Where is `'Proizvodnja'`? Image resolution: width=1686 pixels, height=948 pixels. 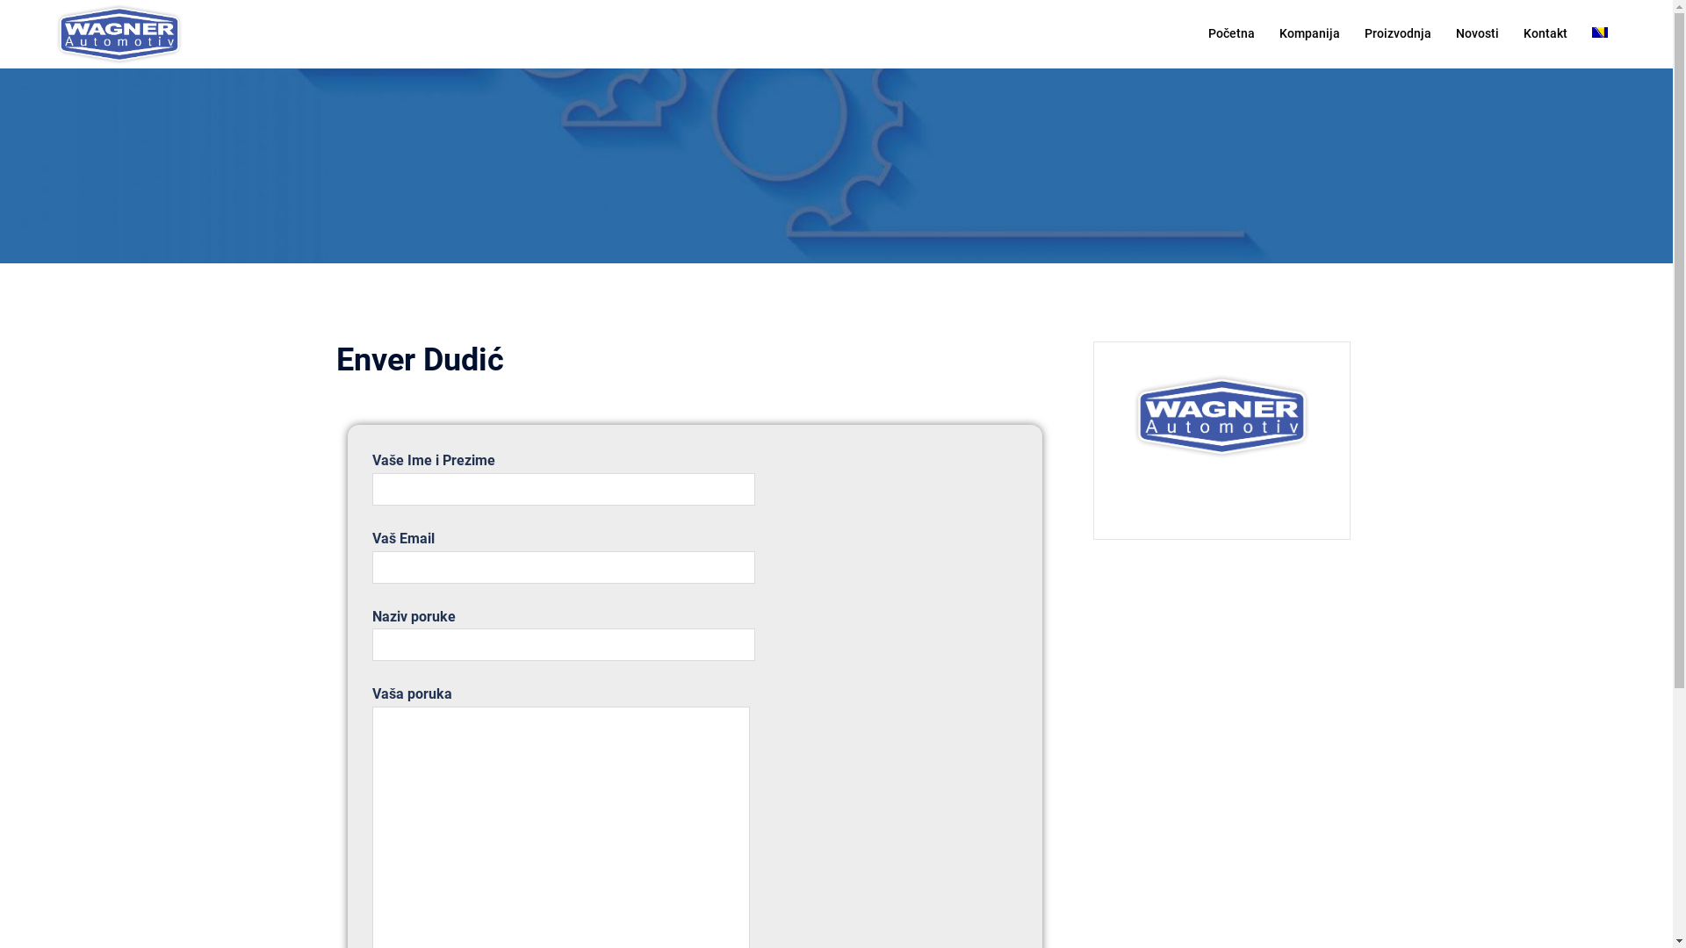
'Proizvodnja' is located at coordinates (1364, 33).